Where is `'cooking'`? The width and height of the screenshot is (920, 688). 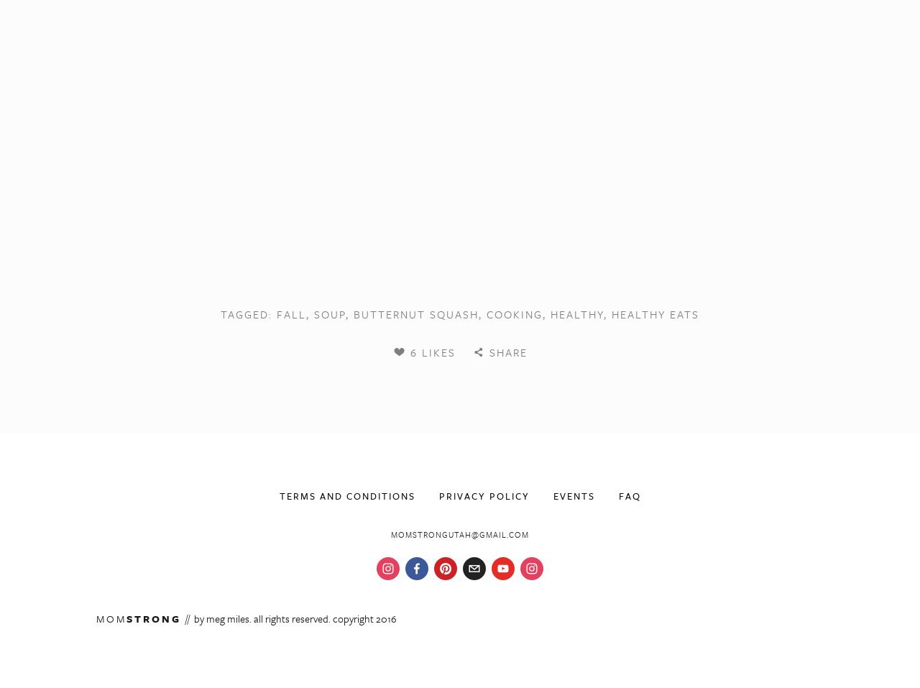 'cooking' is located at coordinates (515, 313).